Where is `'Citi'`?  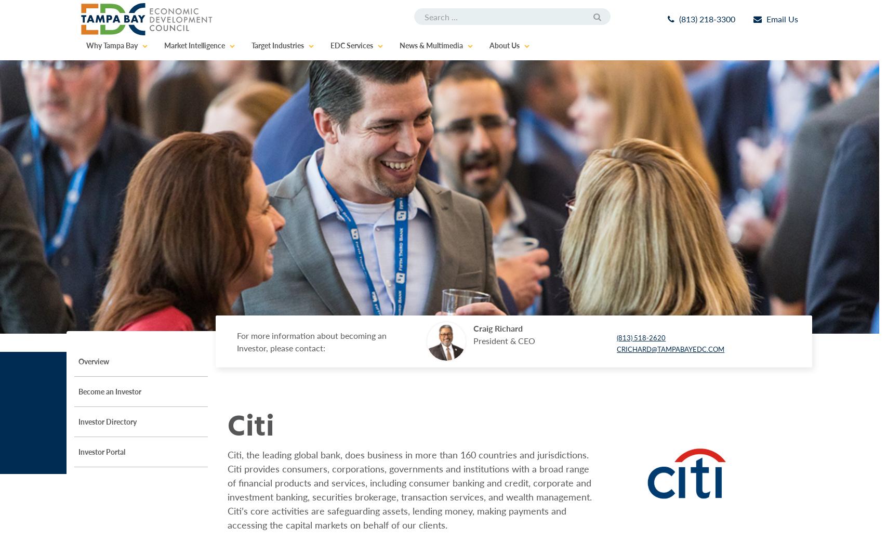 'Citi' is located at coordinates (228, 424).